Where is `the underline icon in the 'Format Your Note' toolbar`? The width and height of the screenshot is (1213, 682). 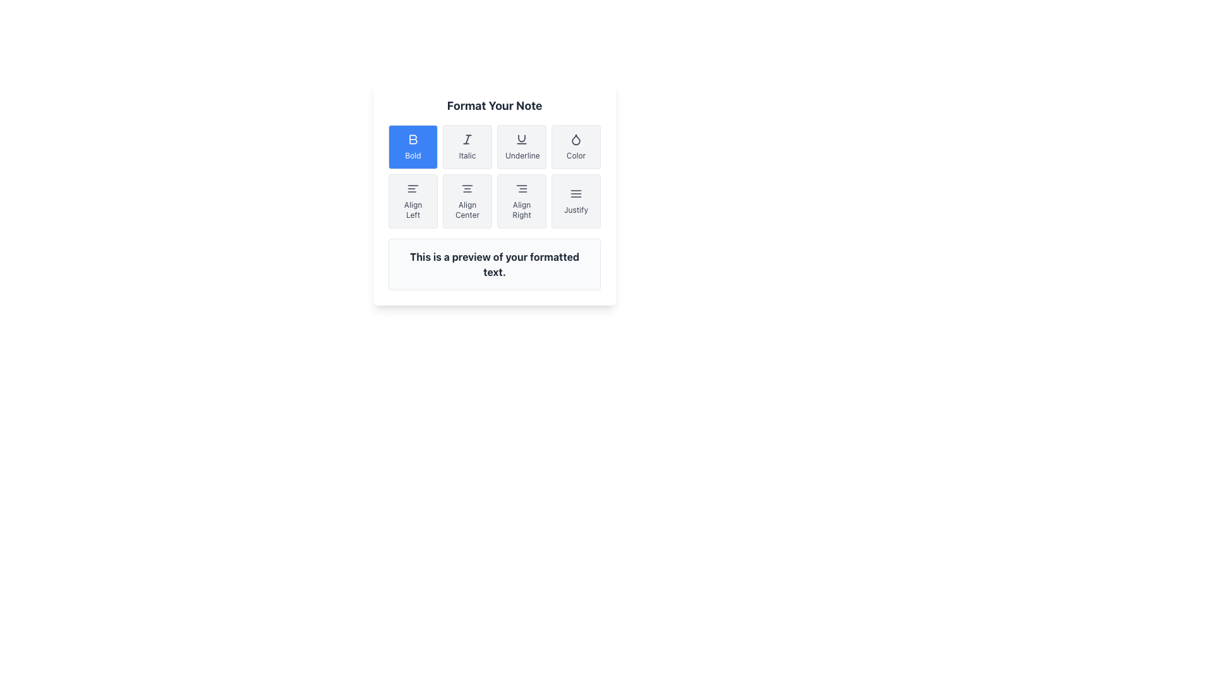
the underline icon in the 'Format Your Note' toolbar is located at coordinates (521, 138).